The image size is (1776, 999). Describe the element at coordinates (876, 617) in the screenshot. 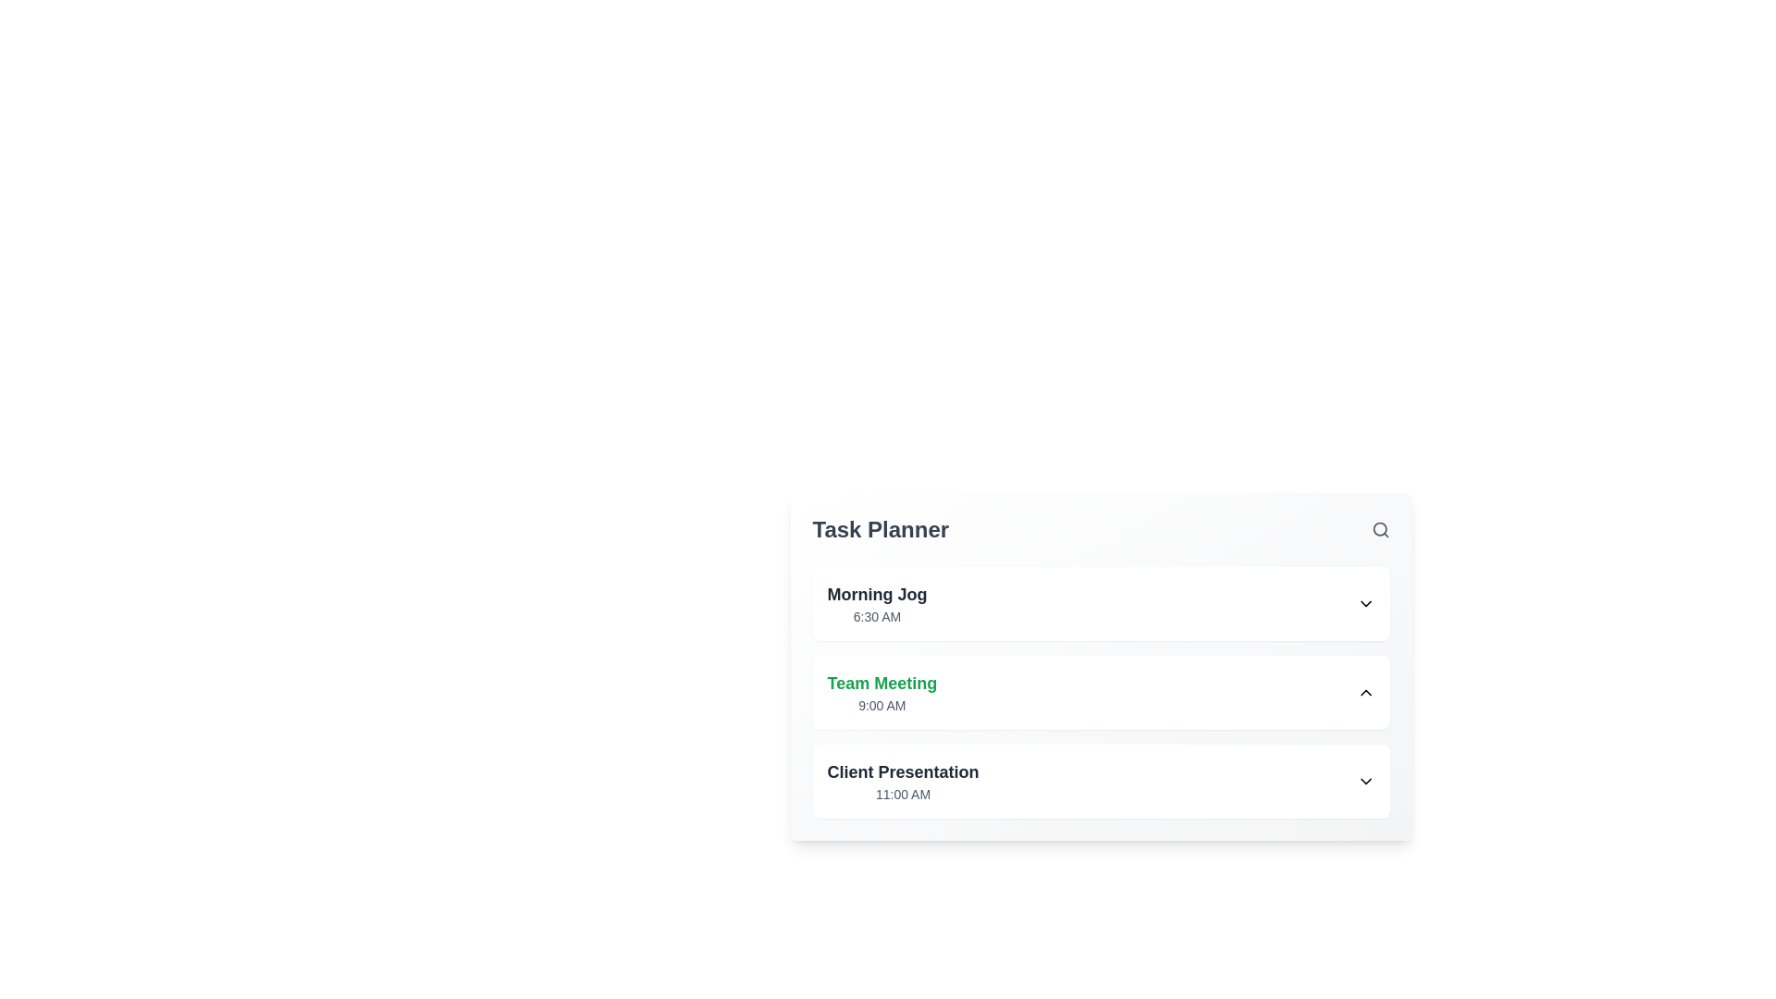

I see `the timestamp display showing '6:30 AM', which is located below the title 'Morning Jog' within the card interface` at that location.